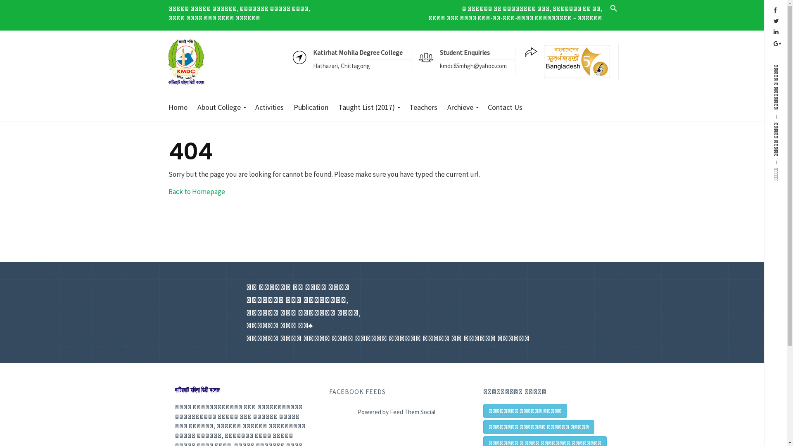  Describe the element at coordinates (221, 107) in the screenshot. I see `'About College'` at that location.